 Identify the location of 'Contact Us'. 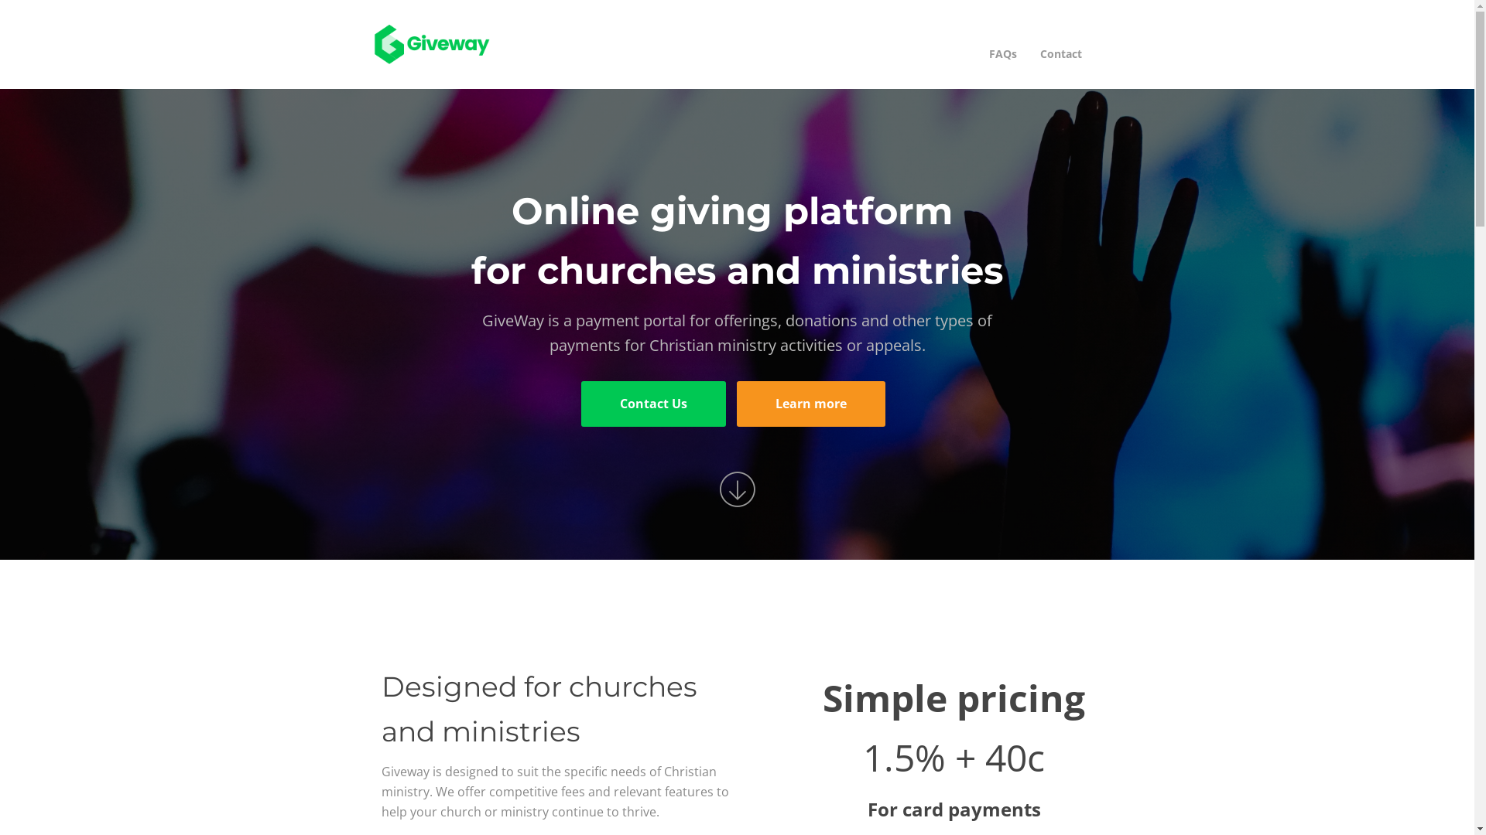
(653, 403).